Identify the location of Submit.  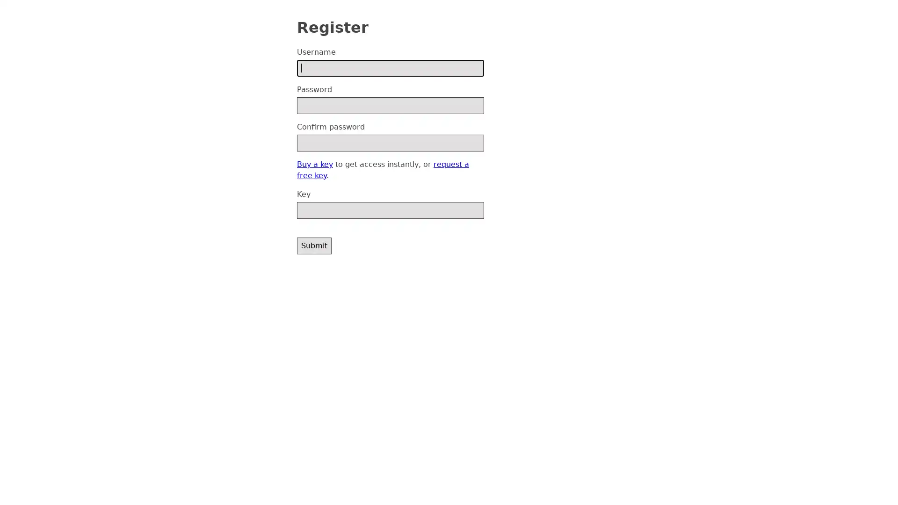
(314, 245).